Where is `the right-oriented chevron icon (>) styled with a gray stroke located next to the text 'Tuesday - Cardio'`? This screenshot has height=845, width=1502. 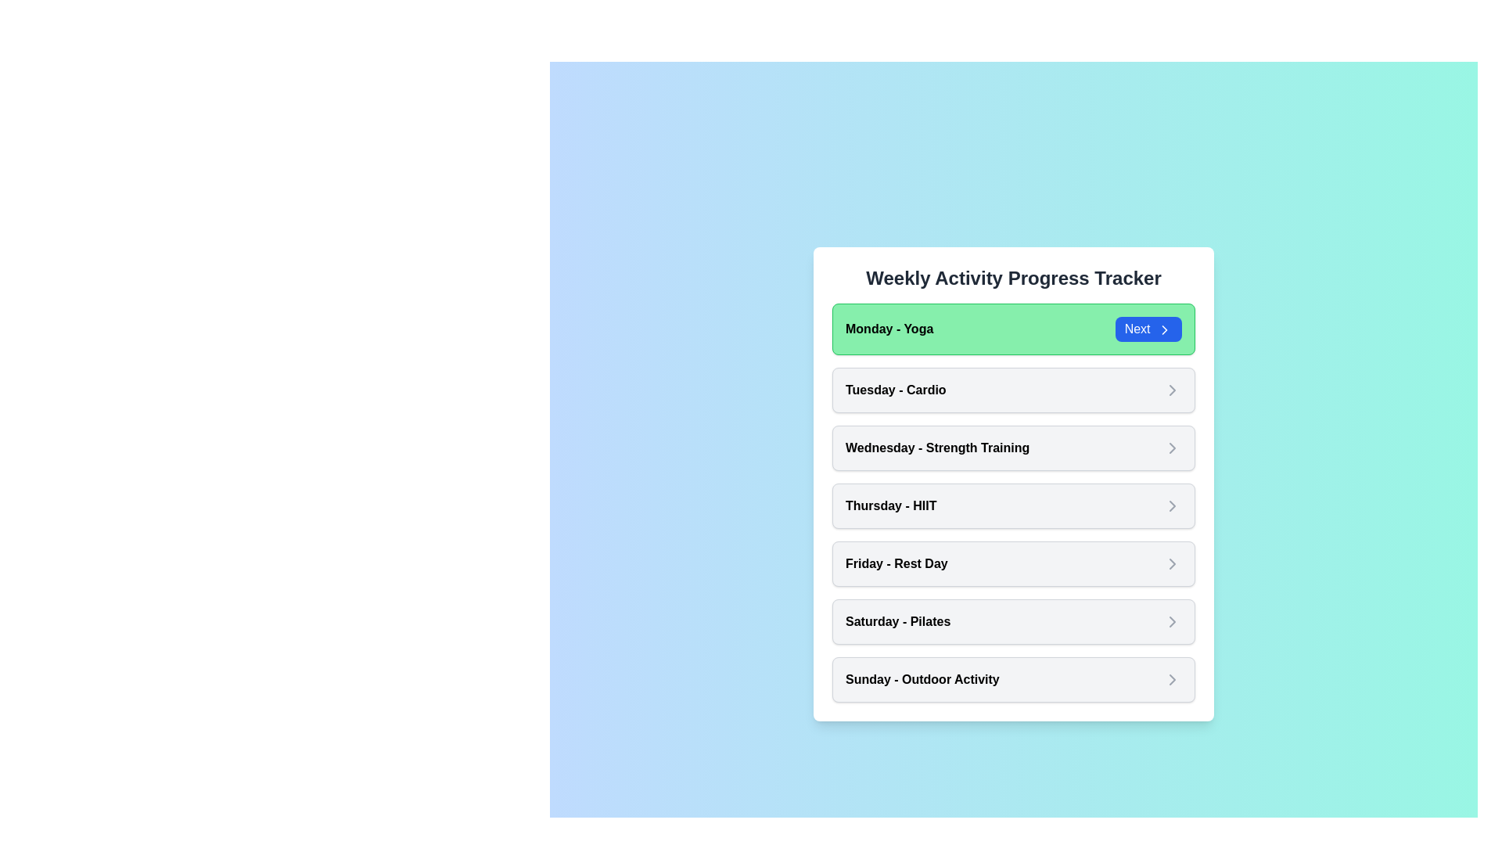
the right-oriented chevron icon (>) styled with a gray stroke located next to the text 'Tuesday - Cardio' is located at coordinates (1172, 389).